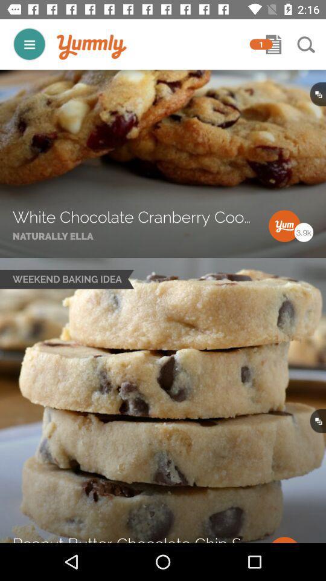 The height and width of the screenshot is (581, 326). What do you see at coordinates (318, 94) in the screenshot?
I see `black button in first image` at bounding box center [318, 94].